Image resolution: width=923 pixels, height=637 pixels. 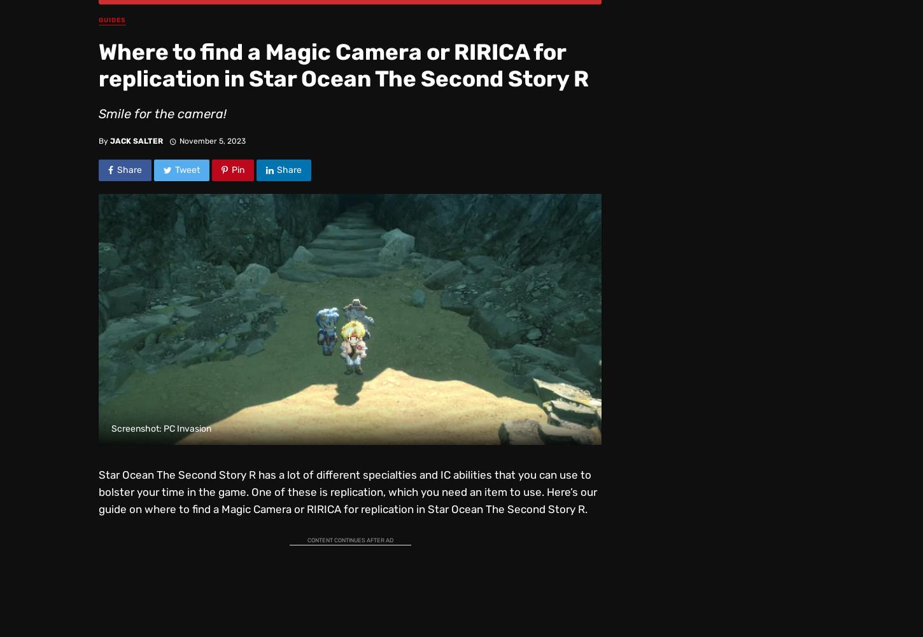 What do you see at coordinates (162, 113) in the screenshot?
I see `'Smile for the camera!'` at bounding box center [162, 113].